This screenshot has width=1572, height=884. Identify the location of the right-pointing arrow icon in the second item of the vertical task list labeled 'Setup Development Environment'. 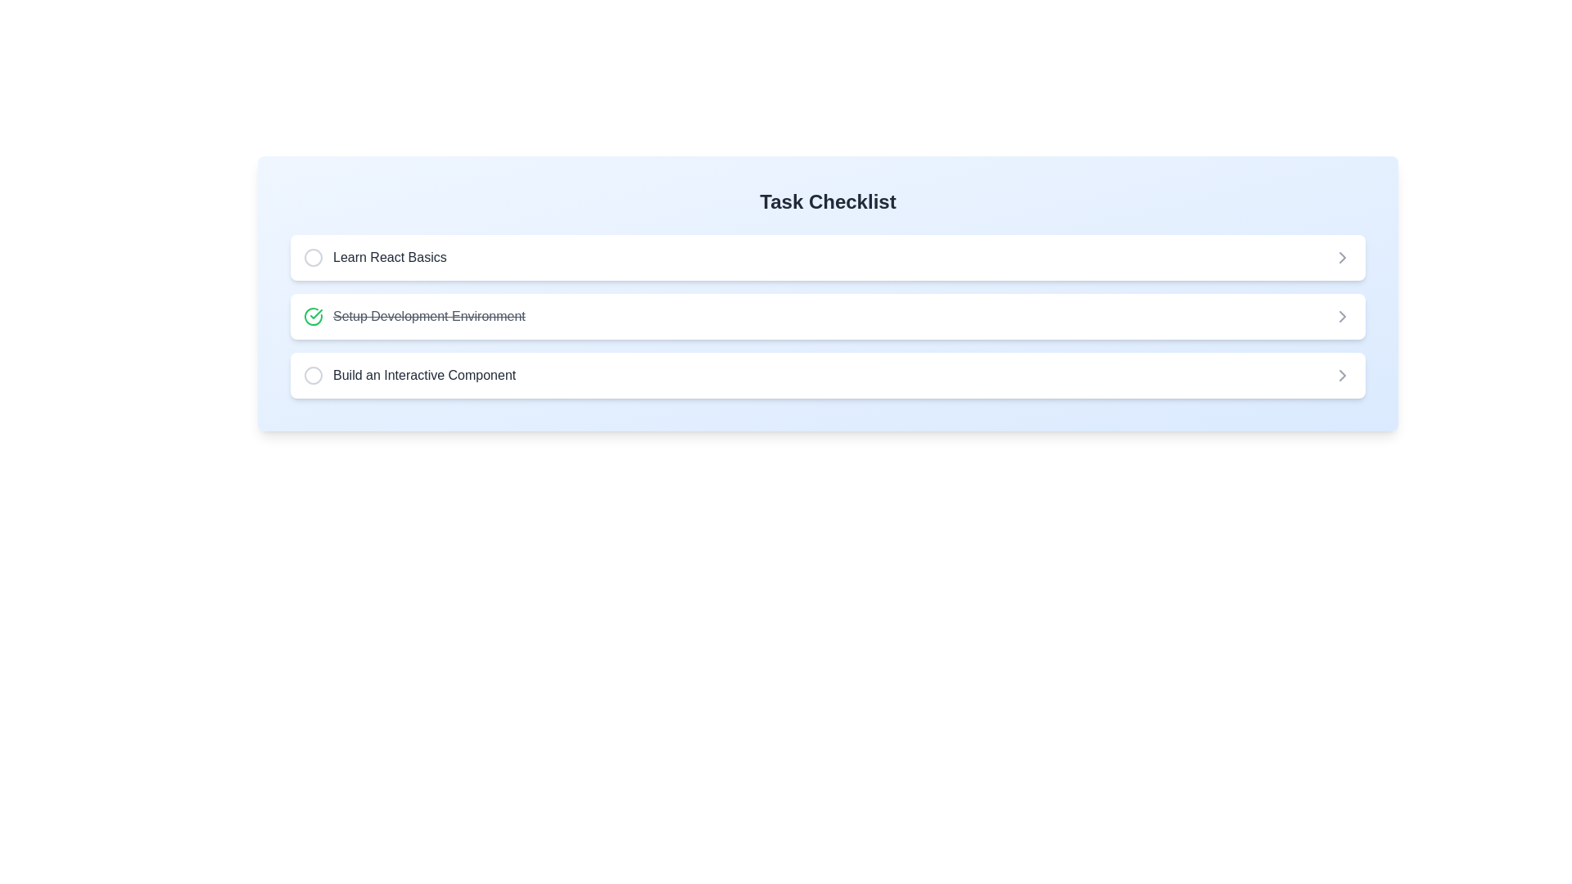
(1343, 316).